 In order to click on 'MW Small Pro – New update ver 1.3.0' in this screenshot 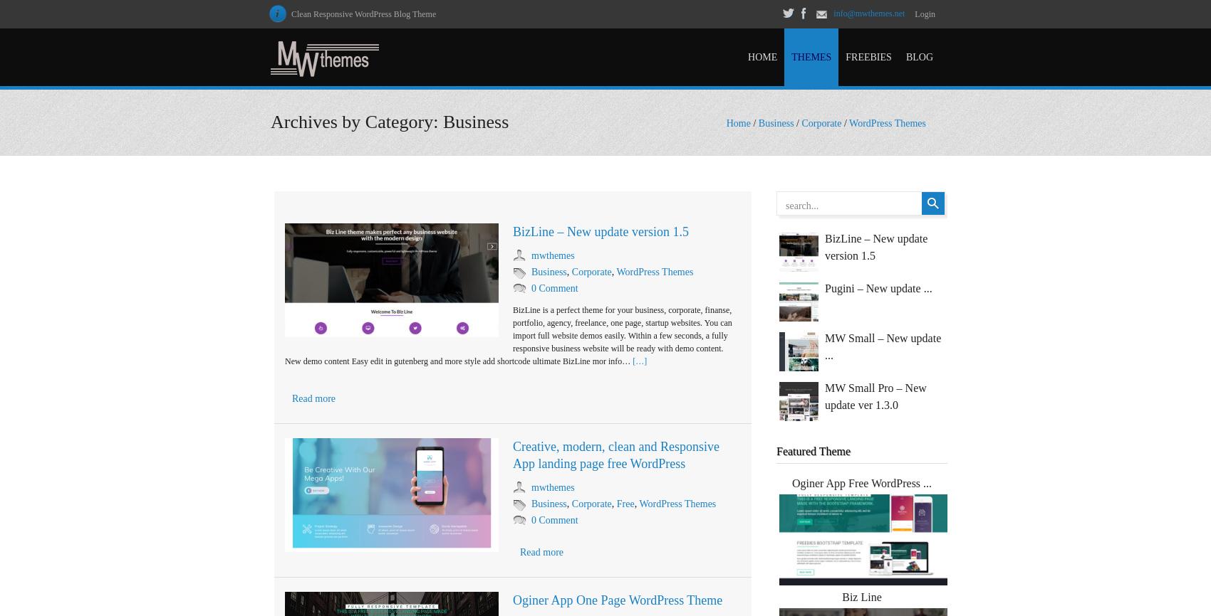, I will do `click(874, 396)`.